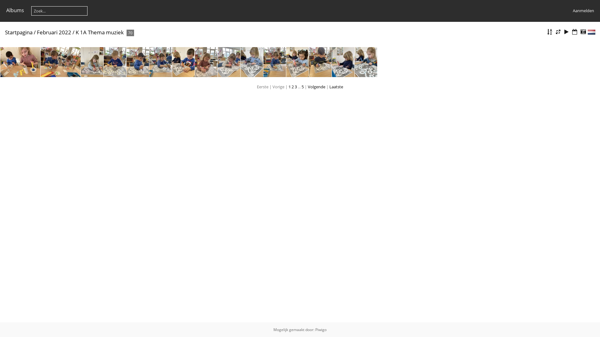 Image resolution: width=600 pixels, height=337 pixels. What do you see at coordinates (18, 32) in the screenshot?
I see `'Startpagina'` at bounding box center [18, 32].